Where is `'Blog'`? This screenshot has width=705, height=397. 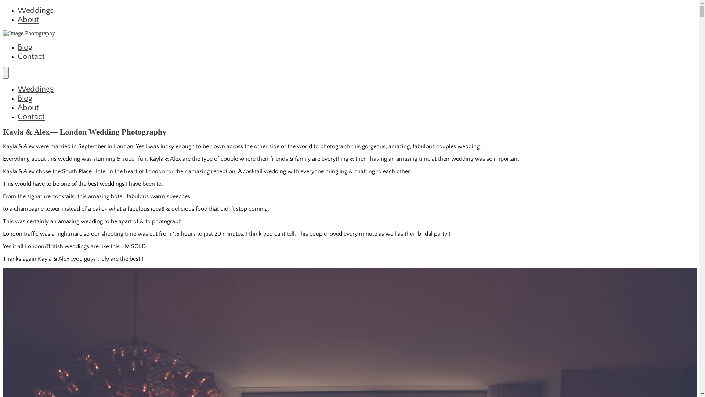 'Blog' is located at coordinates (25, 98).